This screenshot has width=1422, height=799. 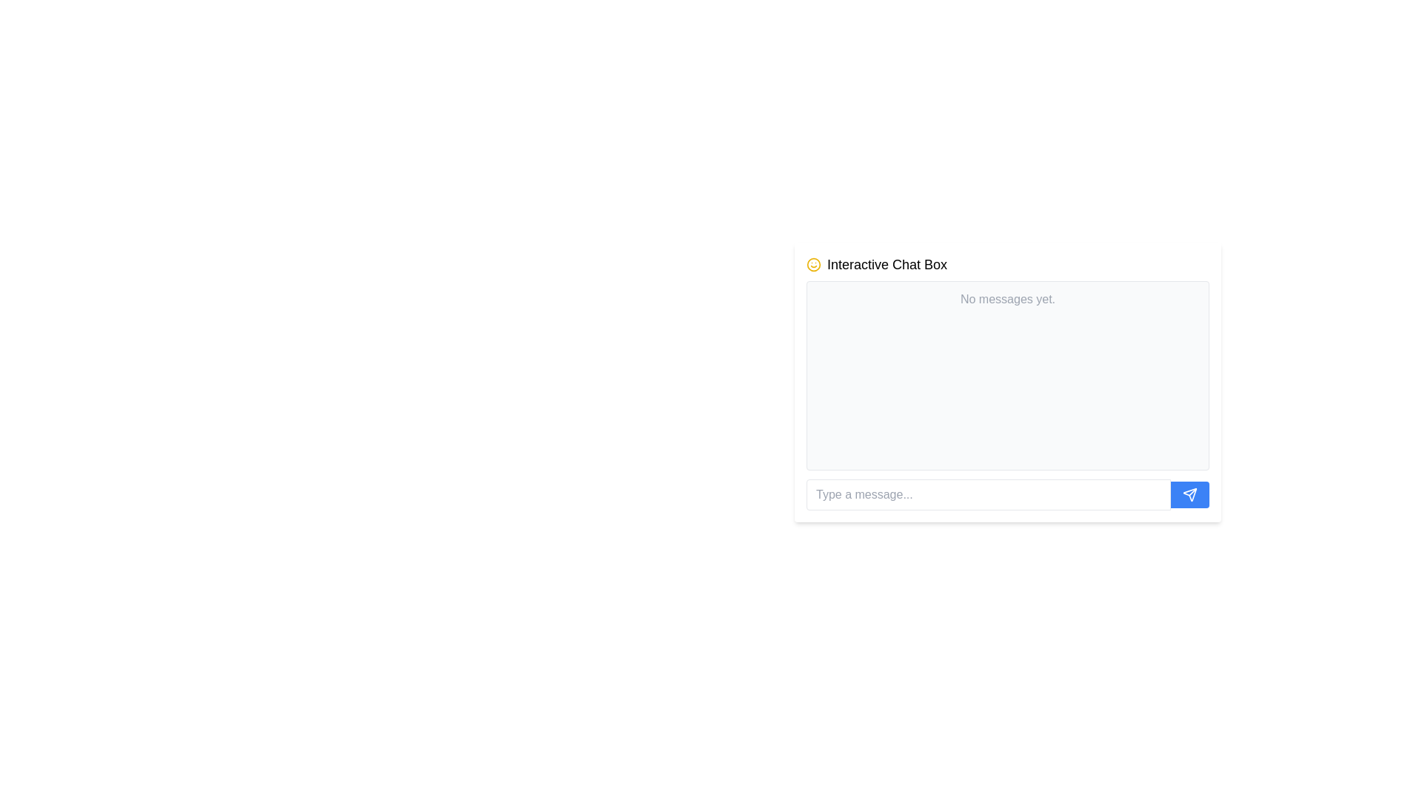 I want to click on the blue button with a gradient effect and a white paper plane icon, so click(x=1190, y=494).